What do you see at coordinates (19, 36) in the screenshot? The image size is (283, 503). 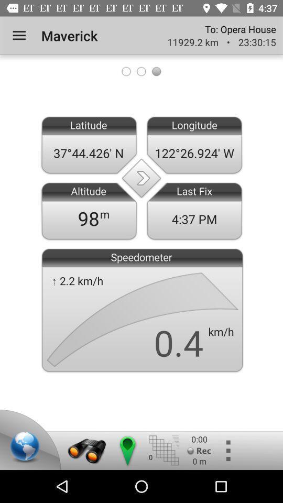 I see `the app to the left of maverick icon` at bounding box center [19, 36].